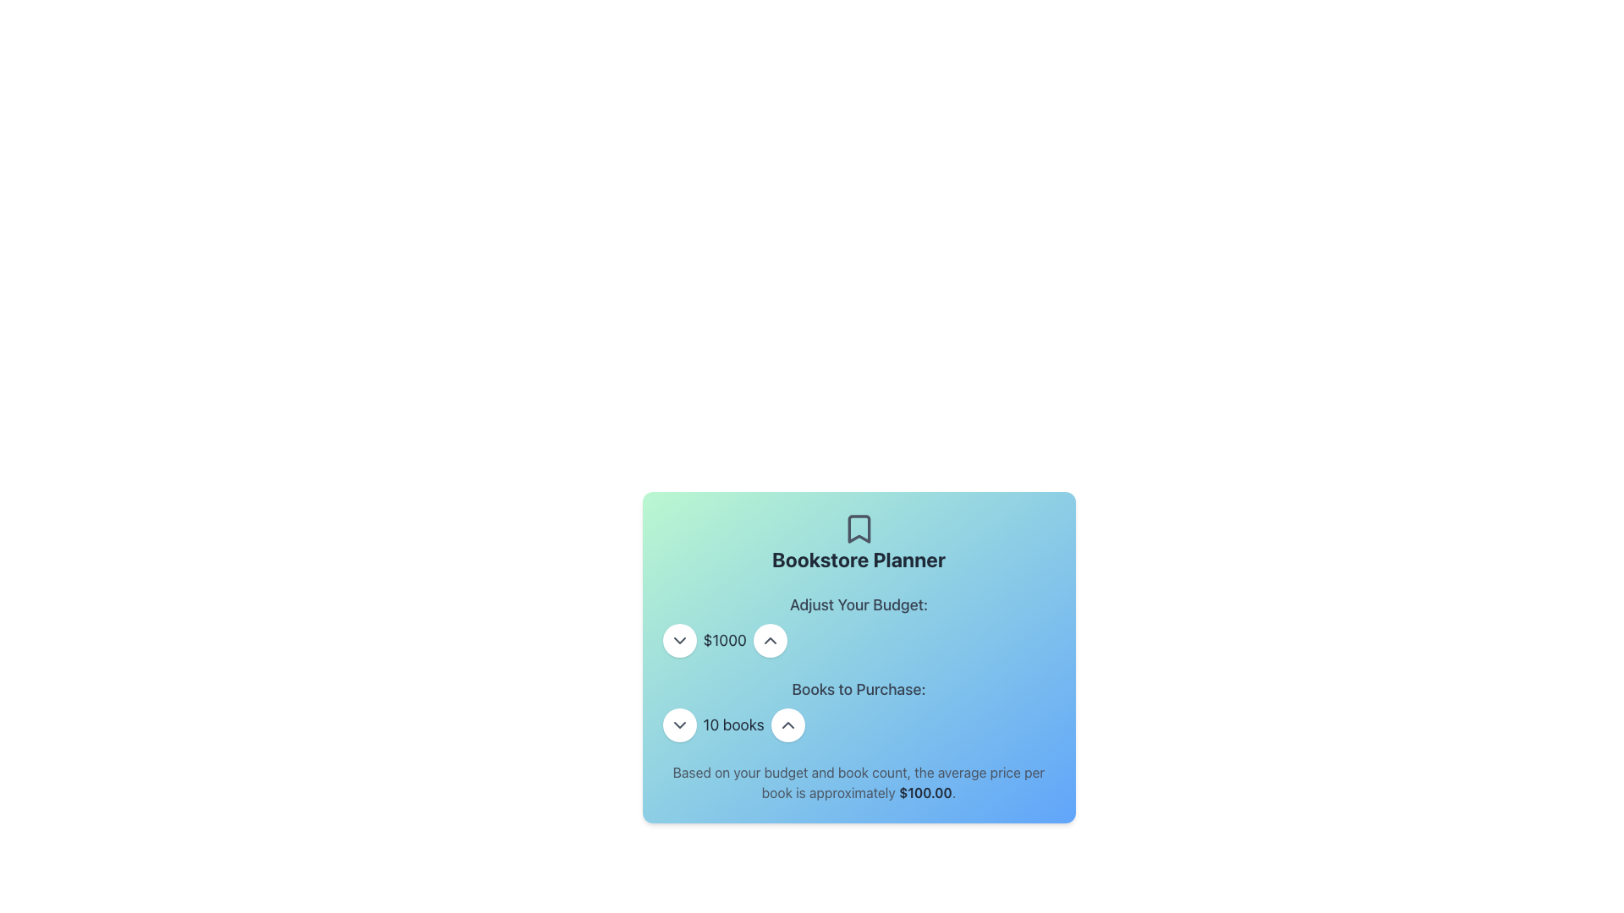 The width and height of the screenshot is (1624, 913). What do you see at coordinates (859, 560) in the screenshot?
I see `text displayed in the title section of the bookstore planning card, which is located at the top portion of the gradient background card, directly below the large bookmark icon` at bounding box center [859, 560].